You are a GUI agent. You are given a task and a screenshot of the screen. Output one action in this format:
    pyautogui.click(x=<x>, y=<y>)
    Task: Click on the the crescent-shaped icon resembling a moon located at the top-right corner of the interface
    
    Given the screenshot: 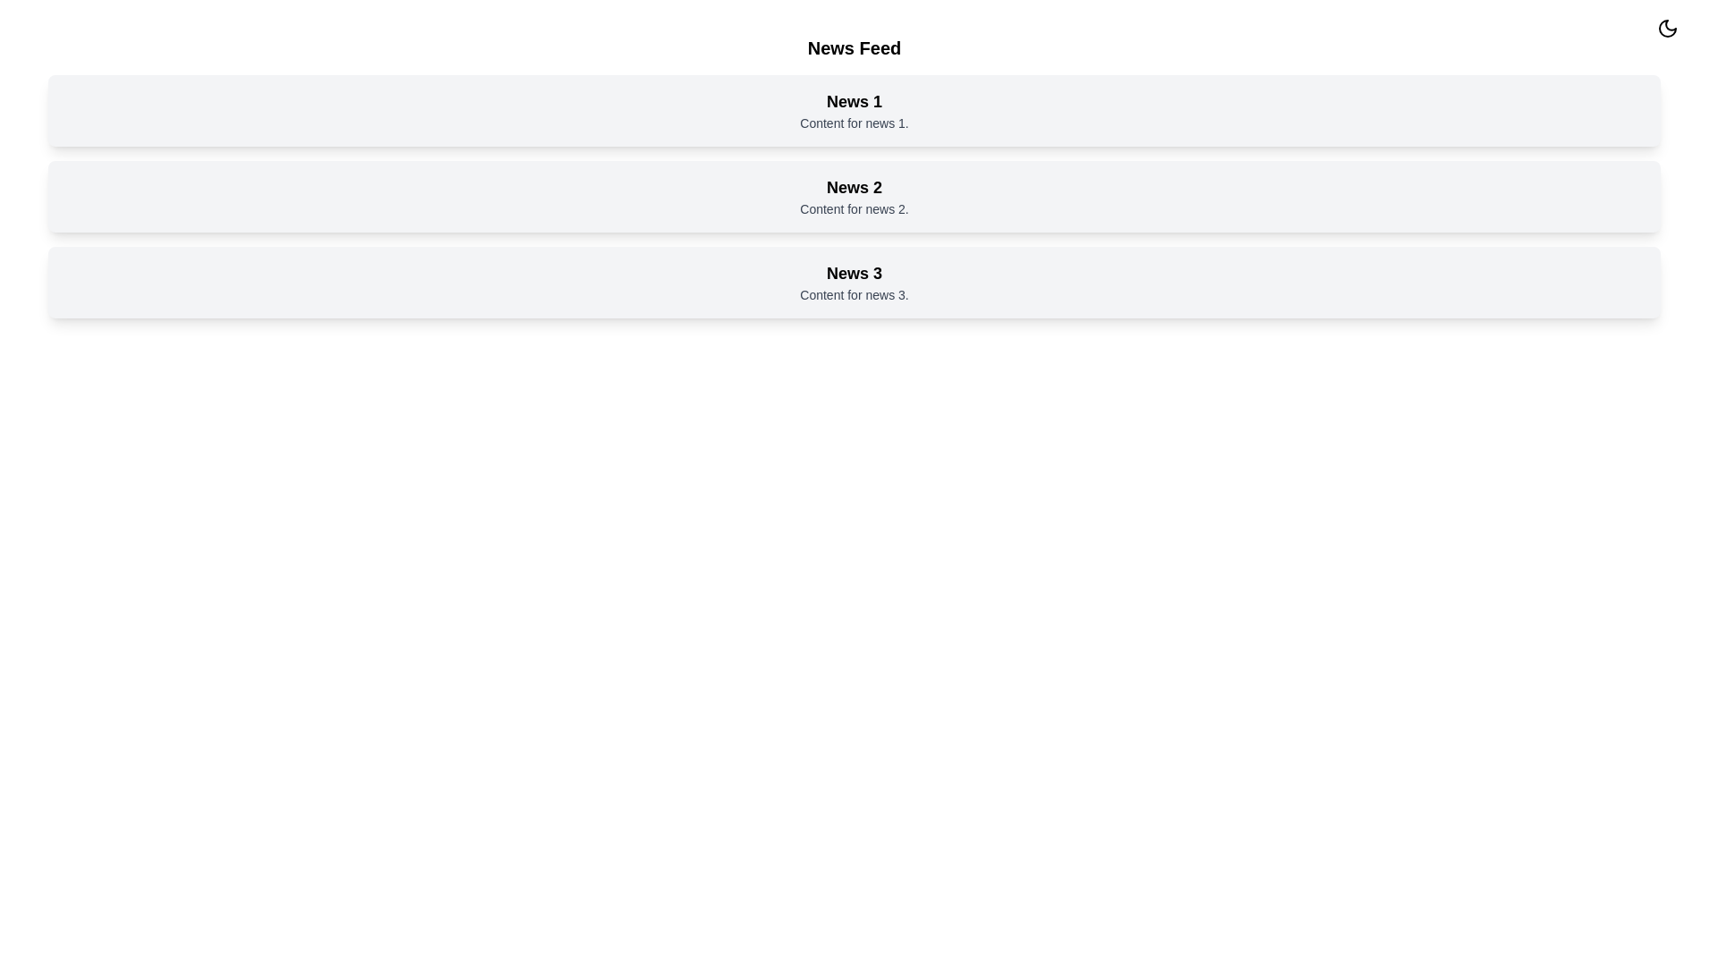 What is the action you would take?
    pyautogui.click(x=1666, y=28)
    